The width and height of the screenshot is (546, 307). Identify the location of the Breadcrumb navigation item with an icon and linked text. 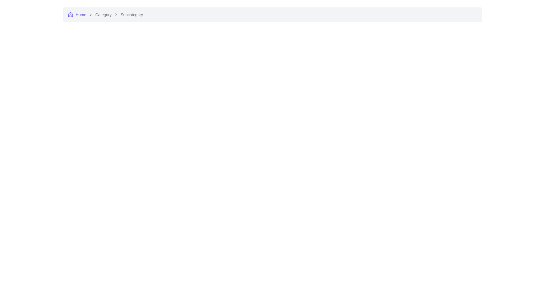
(76, 14).